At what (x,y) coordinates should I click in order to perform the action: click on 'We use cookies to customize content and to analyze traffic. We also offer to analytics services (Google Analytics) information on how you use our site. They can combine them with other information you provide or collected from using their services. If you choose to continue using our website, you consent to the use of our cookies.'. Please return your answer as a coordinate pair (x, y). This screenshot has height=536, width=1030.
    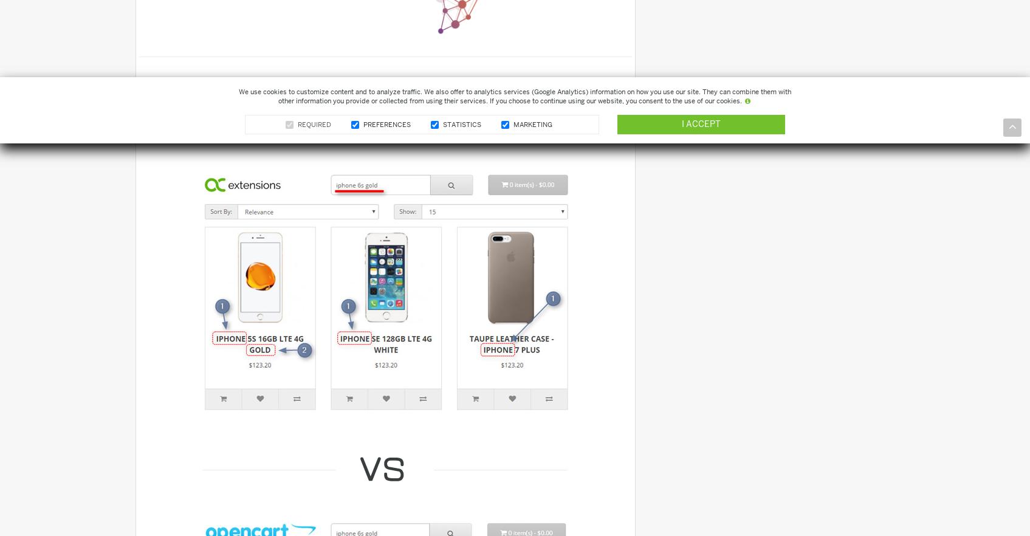
    Looking at the image, I should click on (515, 96).